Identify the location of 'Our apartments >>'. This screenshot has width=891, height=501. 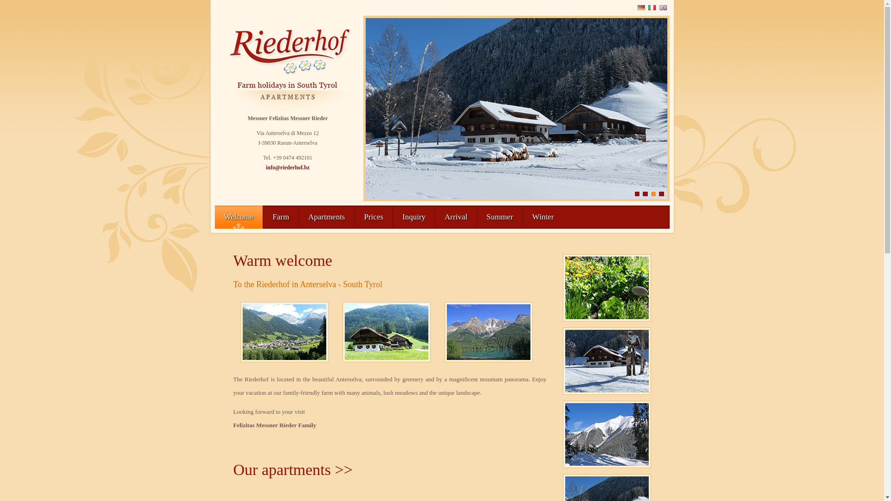
(292, 469).